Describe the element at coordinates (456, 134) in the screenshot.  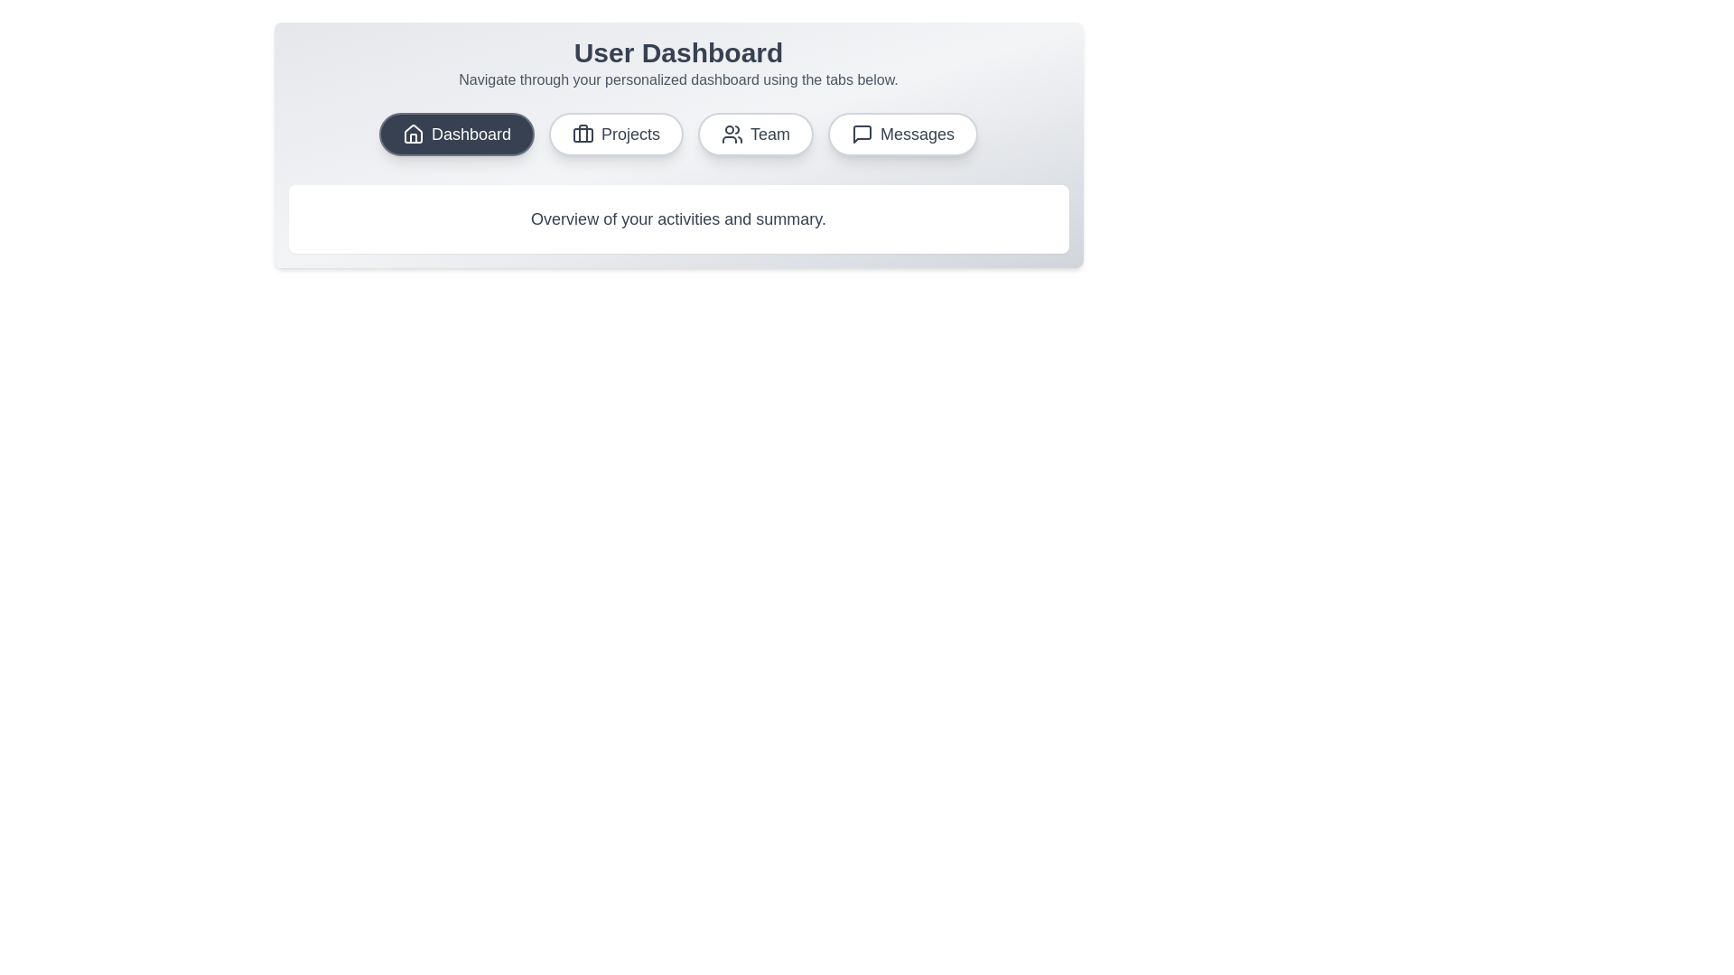
I see `the tab corresponding to Dashboard` at that location.